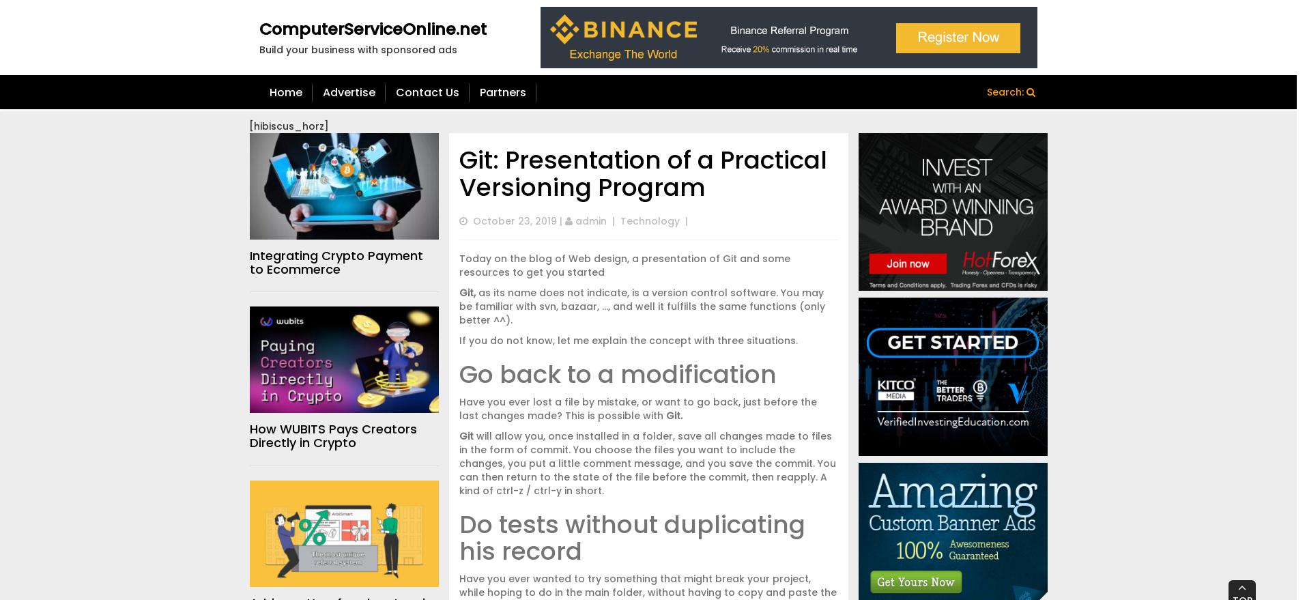 This screenshot has width=1307, height=600. What do you see at coordinates (427, 92) in the screenshot?
I see `'Contact Us'` at bounding box center [427, 92].